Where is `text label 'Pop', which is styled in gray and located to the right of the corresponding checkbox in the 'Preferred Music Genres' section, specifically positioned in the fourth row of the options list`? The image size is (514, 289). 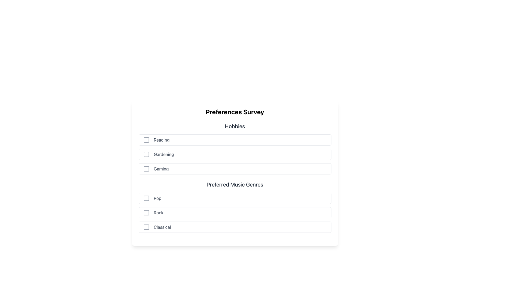 text label 'Pop', which is styled in gray and located to the right of the corresponding checkbox in the 'Preferred Music Genres' section, specifically positioned in the fourth row of the options list is located at coordinates (157, 198).